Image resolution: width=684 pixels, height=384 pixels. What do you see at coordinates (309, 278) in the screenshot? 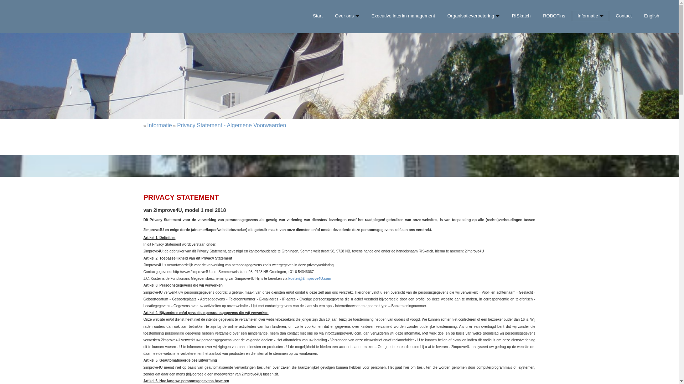
I see `'koster@2improve4U.com'` at bounding box center [309, 278].